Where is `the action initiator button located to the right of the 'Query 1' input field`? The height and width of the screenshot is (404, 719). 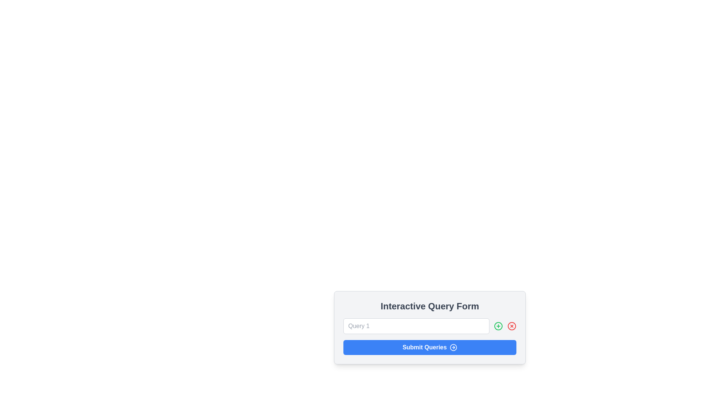 the action initiator button located to the right of the 'Query 1' input field is located at coordinates (498, 325).